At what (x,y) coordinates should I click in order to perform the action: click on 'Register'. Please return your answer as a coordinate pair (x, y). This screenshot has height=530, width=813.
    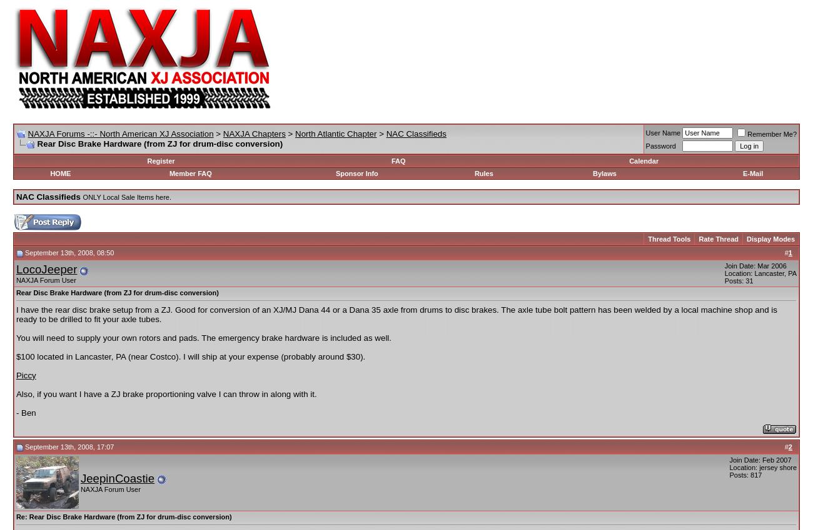
    Looking at the image, I should click on (146, 161).